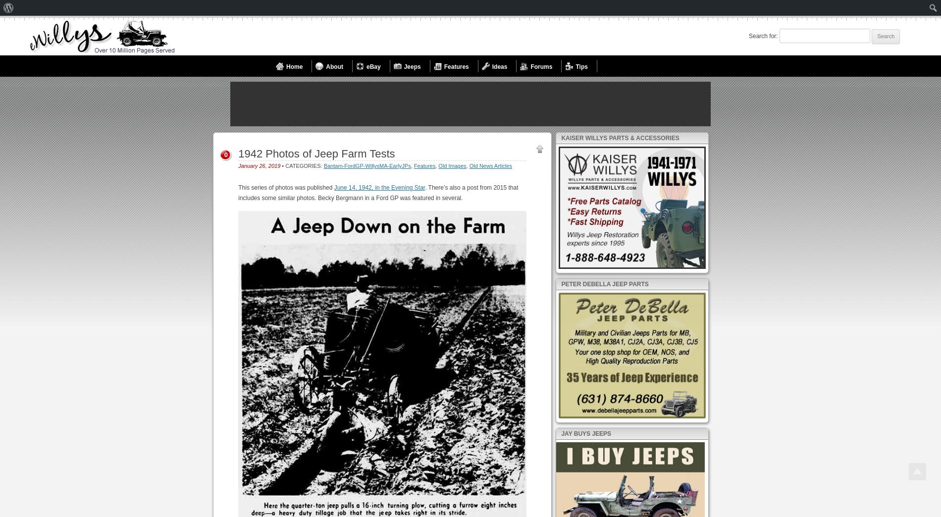  What do you see at coordinates (619, 137) in the screenshot?
I see `'Kaiser Willys Parts & Accessories'` at bounding box center [619, 137].